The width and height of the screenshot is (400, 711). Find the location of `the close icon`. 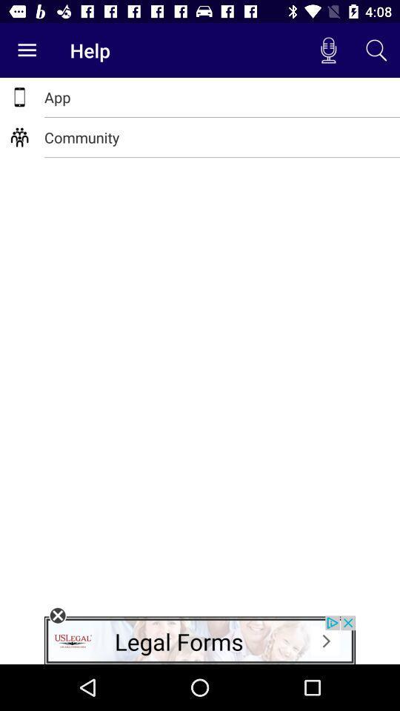

the close icon is located at coordinates (57, 615).